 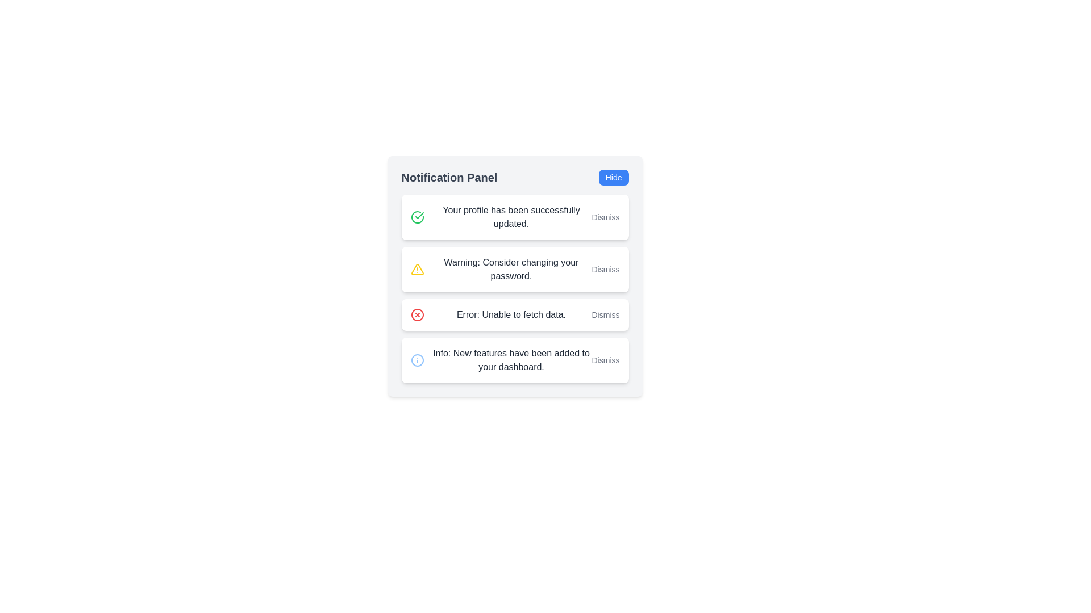 I want to click on the green circular check icon at the start of the first notification card in the notification panel, representing a success notification, so click(x=417, y=217).